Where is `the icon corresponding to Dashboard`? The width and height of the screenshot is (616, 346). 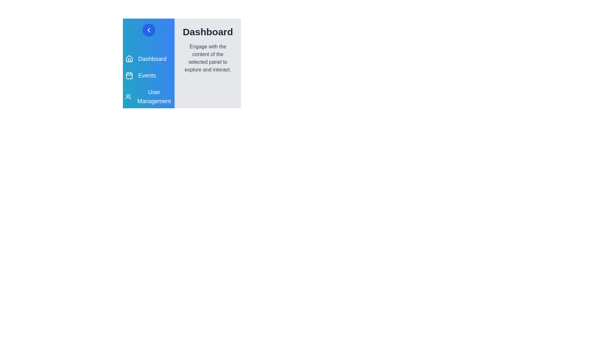 the icon corresponding to Dashboard is located at coordinates (129, 59).